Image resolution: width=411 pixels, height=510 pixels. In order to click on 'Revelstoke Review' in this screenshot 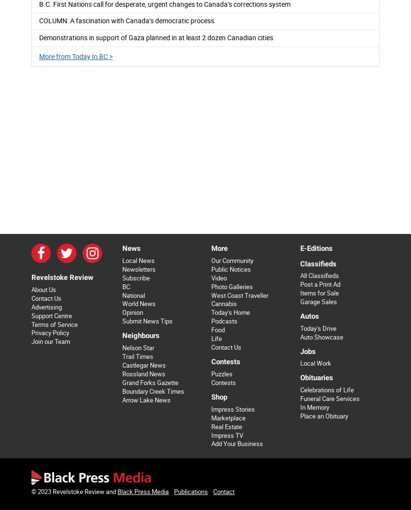, I will do `click(62, 276)`.